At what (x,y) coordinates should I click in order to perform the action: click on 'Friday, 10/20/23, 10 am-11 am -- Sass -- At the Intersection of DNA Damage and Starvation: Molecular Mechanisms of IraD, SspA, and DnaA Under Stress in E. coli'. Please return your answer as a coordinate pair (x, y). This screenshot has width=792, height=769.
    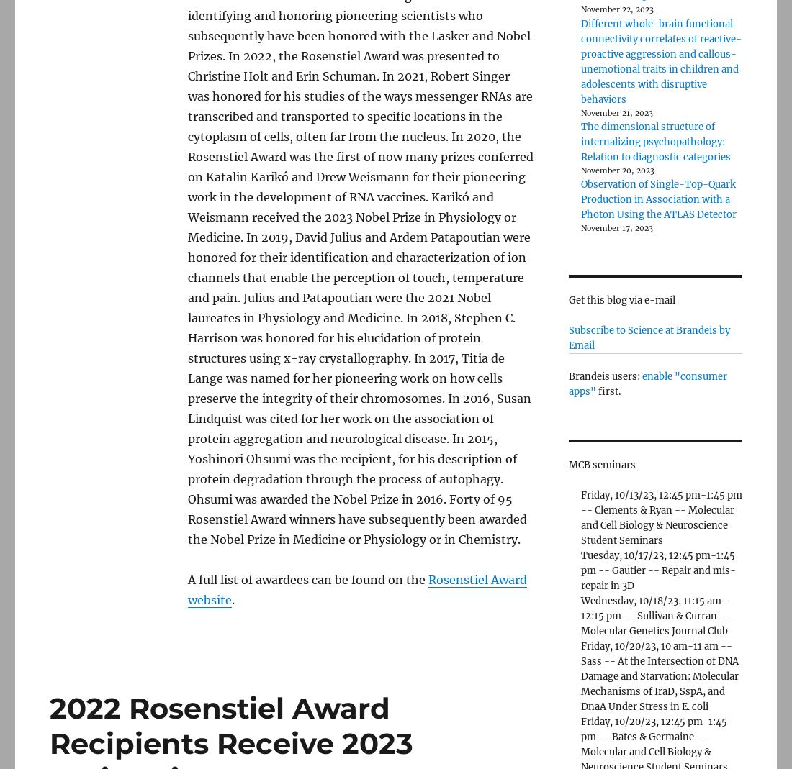
    Looking at the image, I should click on (659, 675).